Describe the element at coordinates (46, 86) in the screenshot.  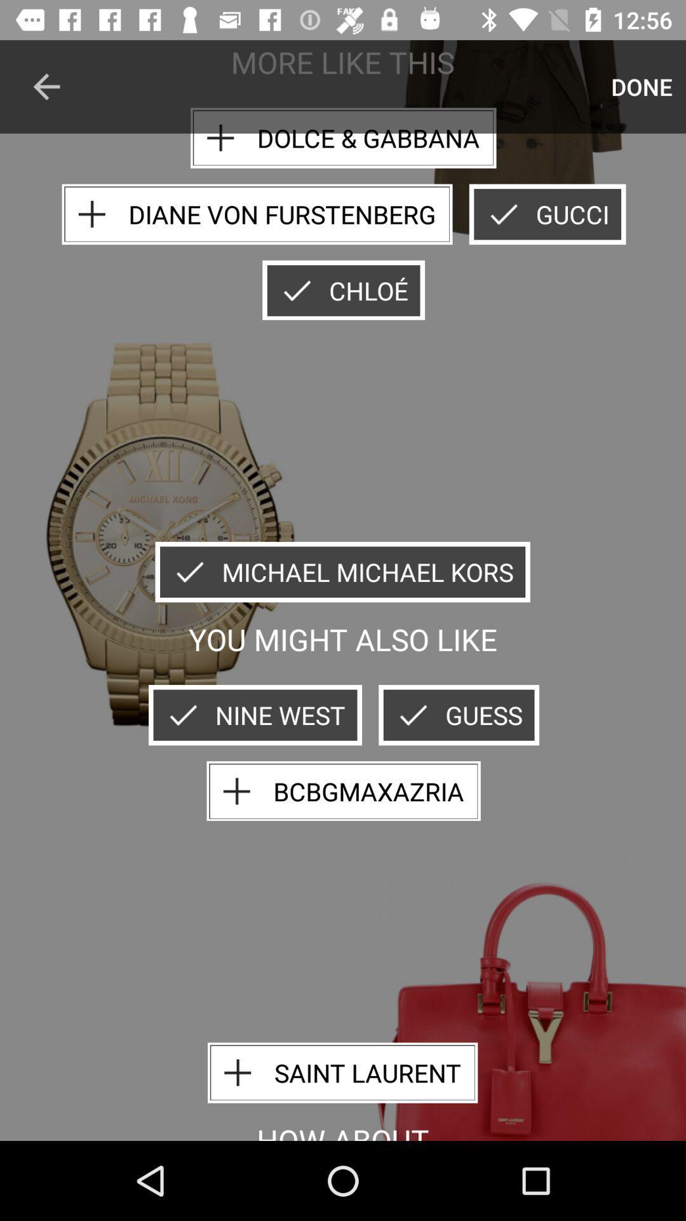
I see `icon to the left of the dolce & gabbana` at that location.